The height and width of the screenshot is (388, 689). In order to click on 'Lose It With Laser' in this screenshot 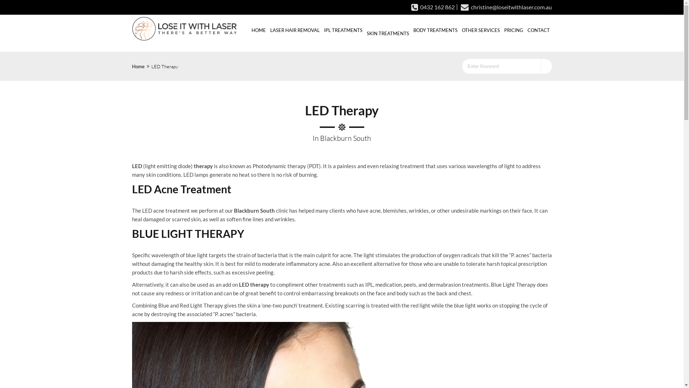, I will do `click(184, 28)`.